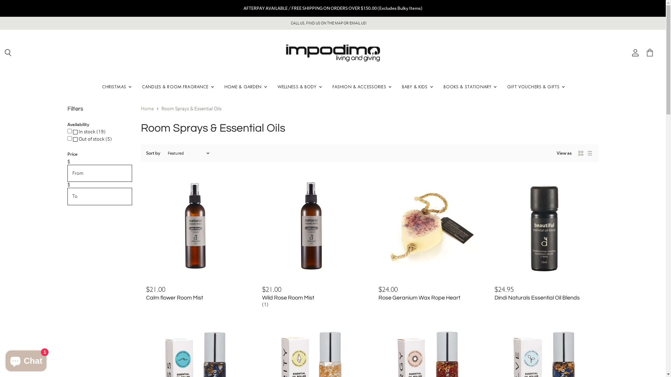 The width and height of the screenshot is (671, 377). Describe the element at coordinates (417, 86) in the screenshot. I see `'BABY & KIDS'` at that location.